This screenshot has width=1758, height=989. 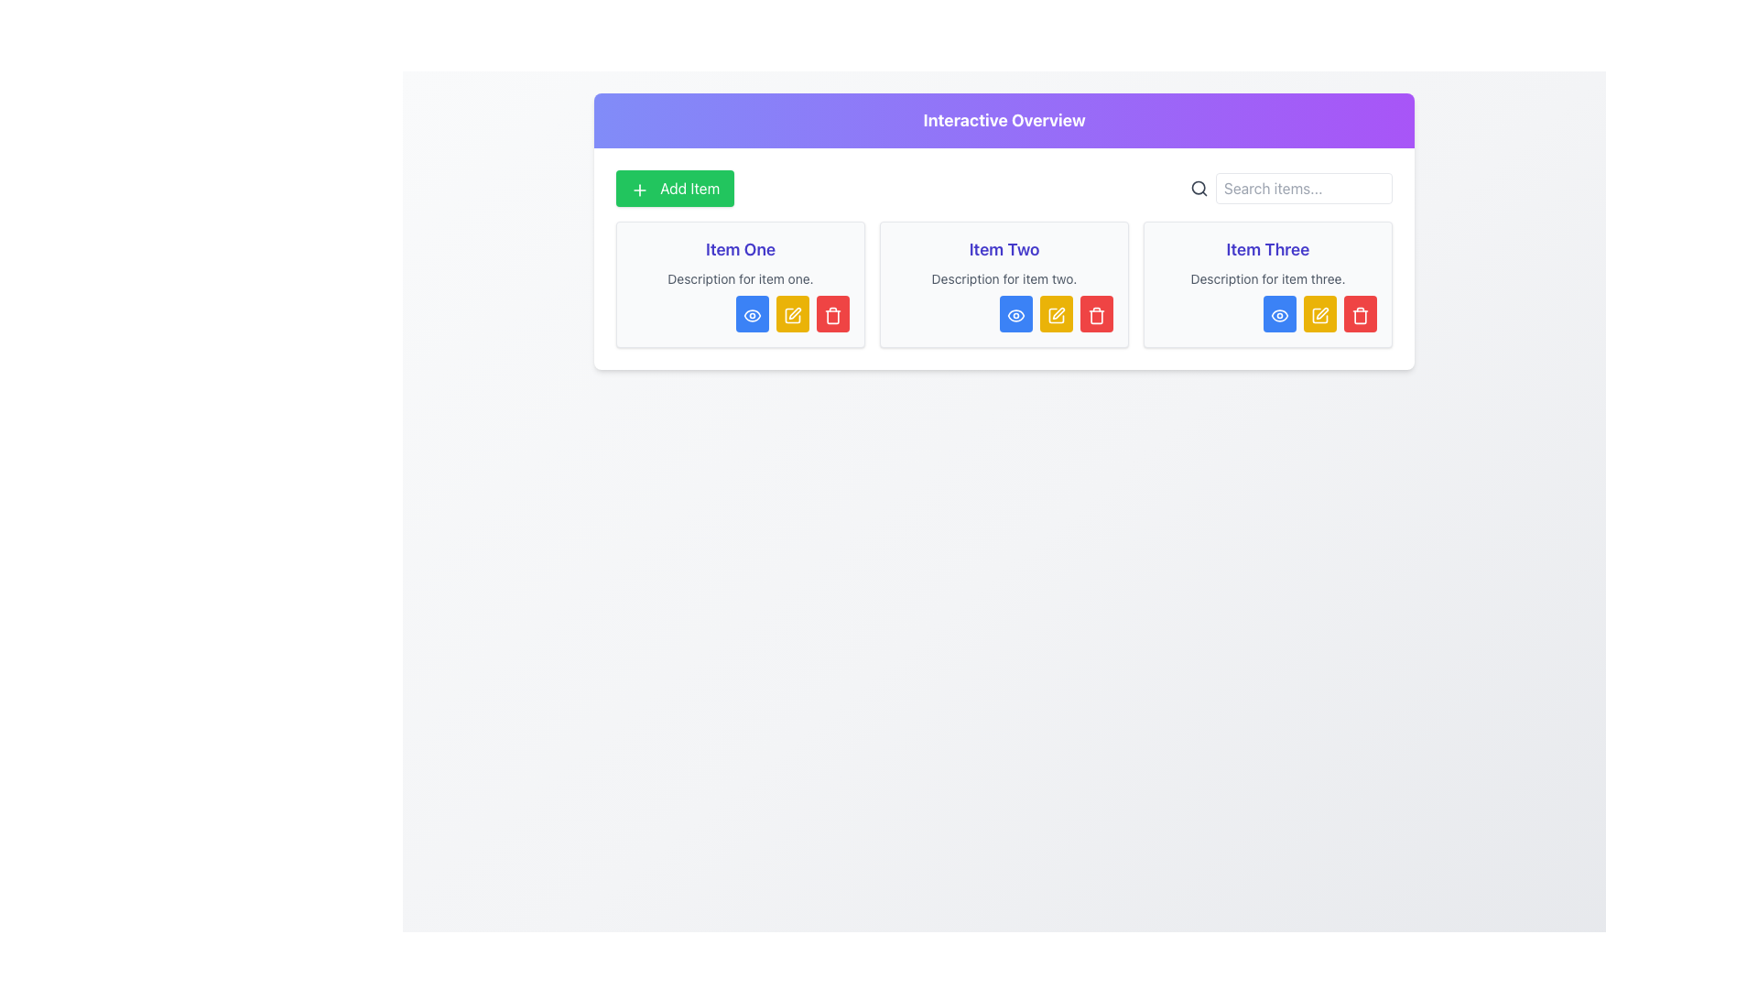 What do you see at coordinates (1303, 188) in the screenshot?
I see `the text input field located` at bounding box center [1303, 188].